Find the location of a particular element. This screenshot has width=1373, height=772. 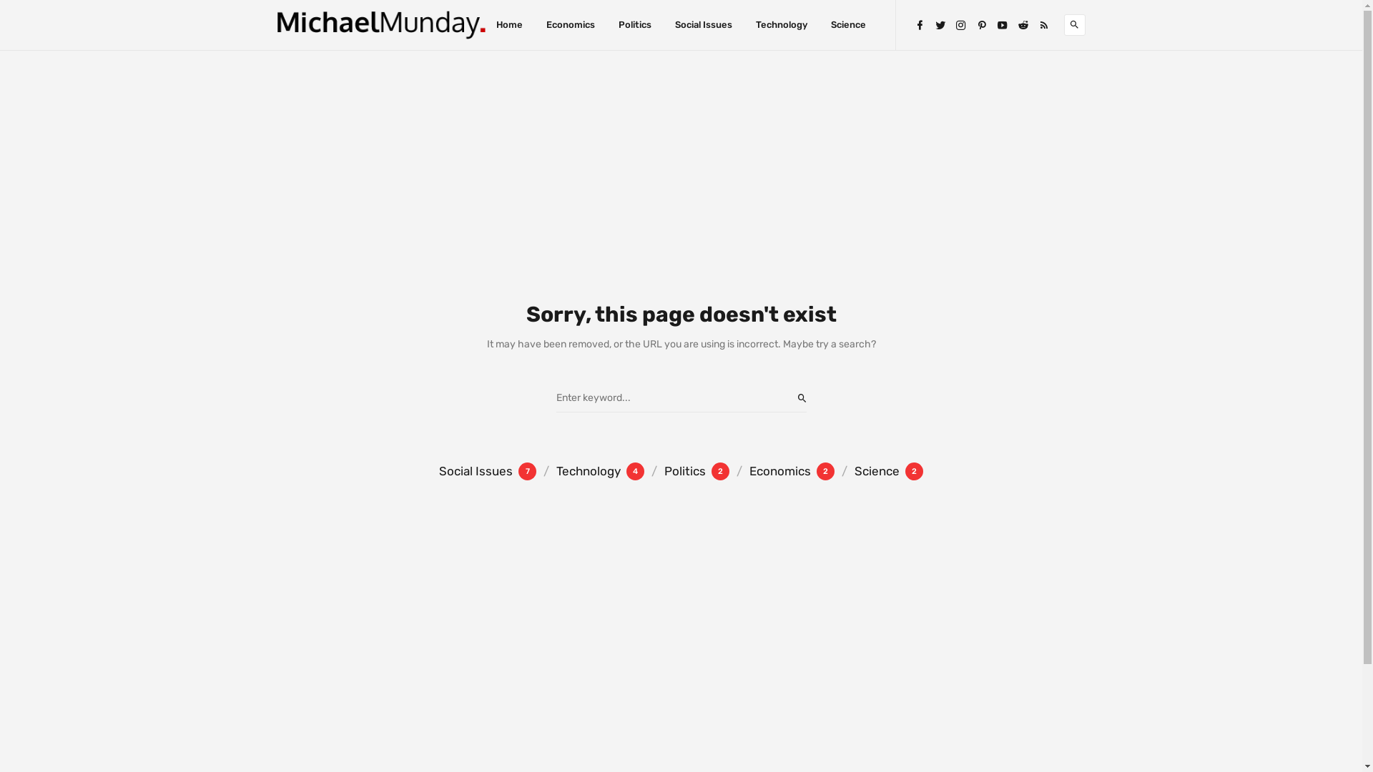

'Science is located at coordinates (877, 470).